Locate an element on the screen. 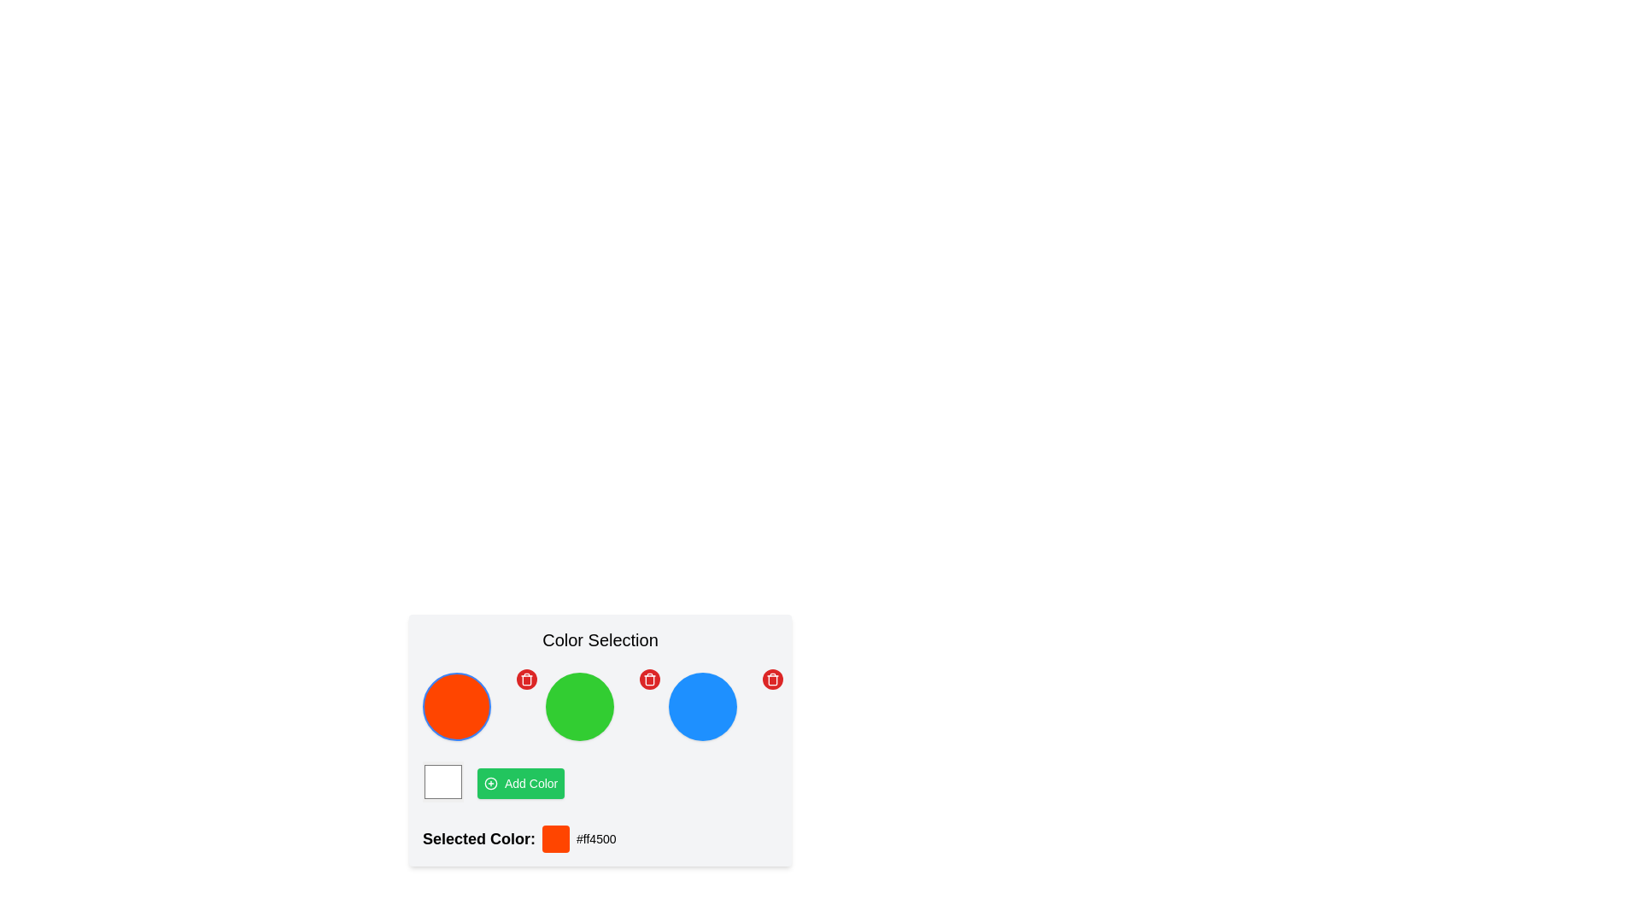 Image resolution: width=1640 pixels, height=922 pixels. properties of the circular graphical element that represents an addition action in the graphical interface is located at coordinates (490, 783).